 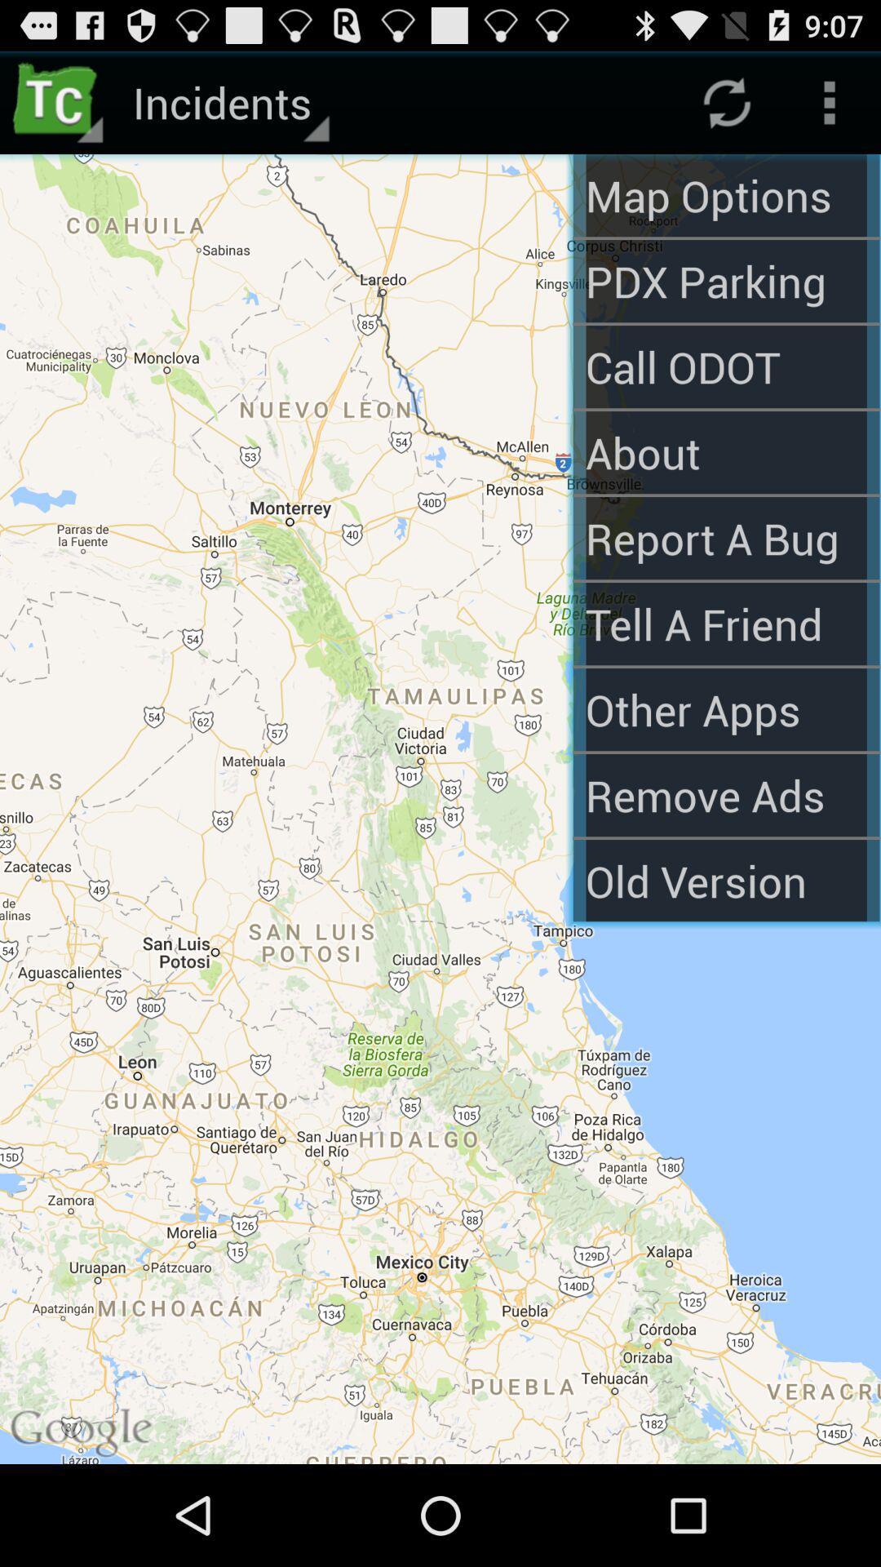 I want to click on the tell a friend app, so click(x=725, y=623).